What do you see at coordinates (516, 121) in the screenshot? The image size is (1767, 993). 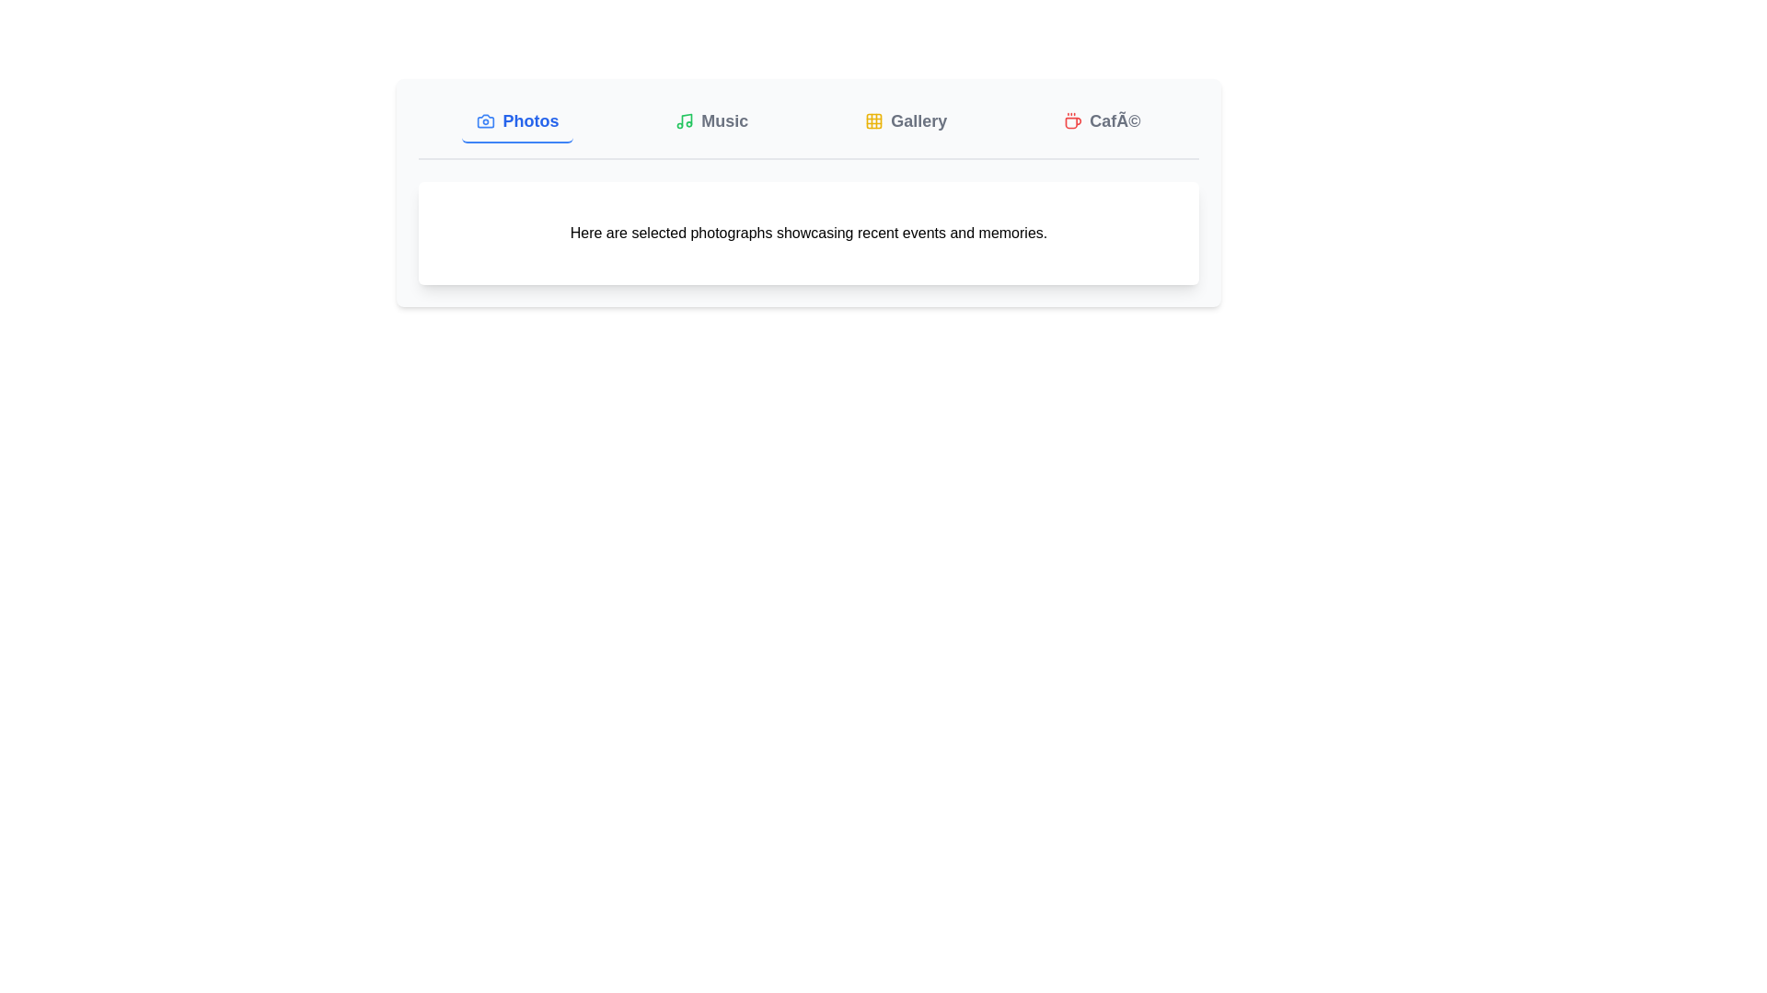 I see `the 'Photos' tab in the navigation bar, which has bold blue text and an underline indicating it is active` at bounding box center [516, 121].